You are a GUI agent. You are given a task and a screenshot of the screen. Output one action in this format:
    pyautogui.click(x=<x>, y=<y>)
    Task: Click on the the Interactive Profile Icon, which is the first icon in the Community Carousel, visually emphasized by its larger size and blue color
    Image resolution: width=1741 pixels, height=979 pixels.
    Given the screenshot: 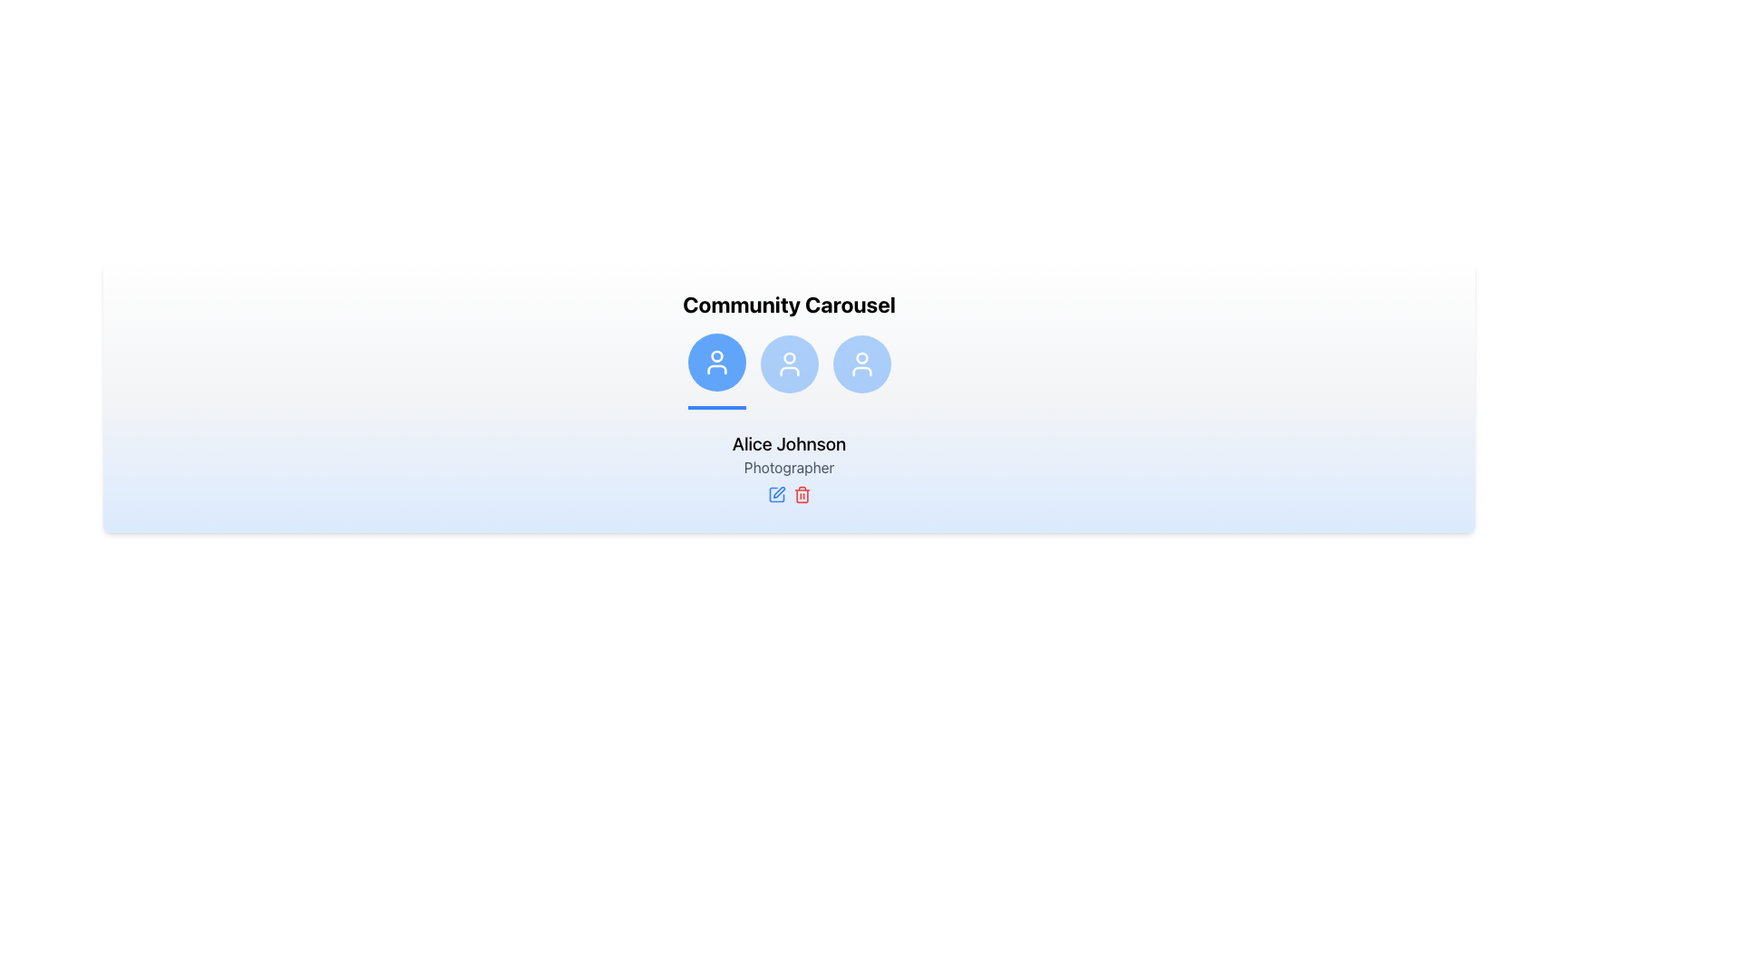 What is the action you would take?
    pyautogui.click(x=715, y=363)
    